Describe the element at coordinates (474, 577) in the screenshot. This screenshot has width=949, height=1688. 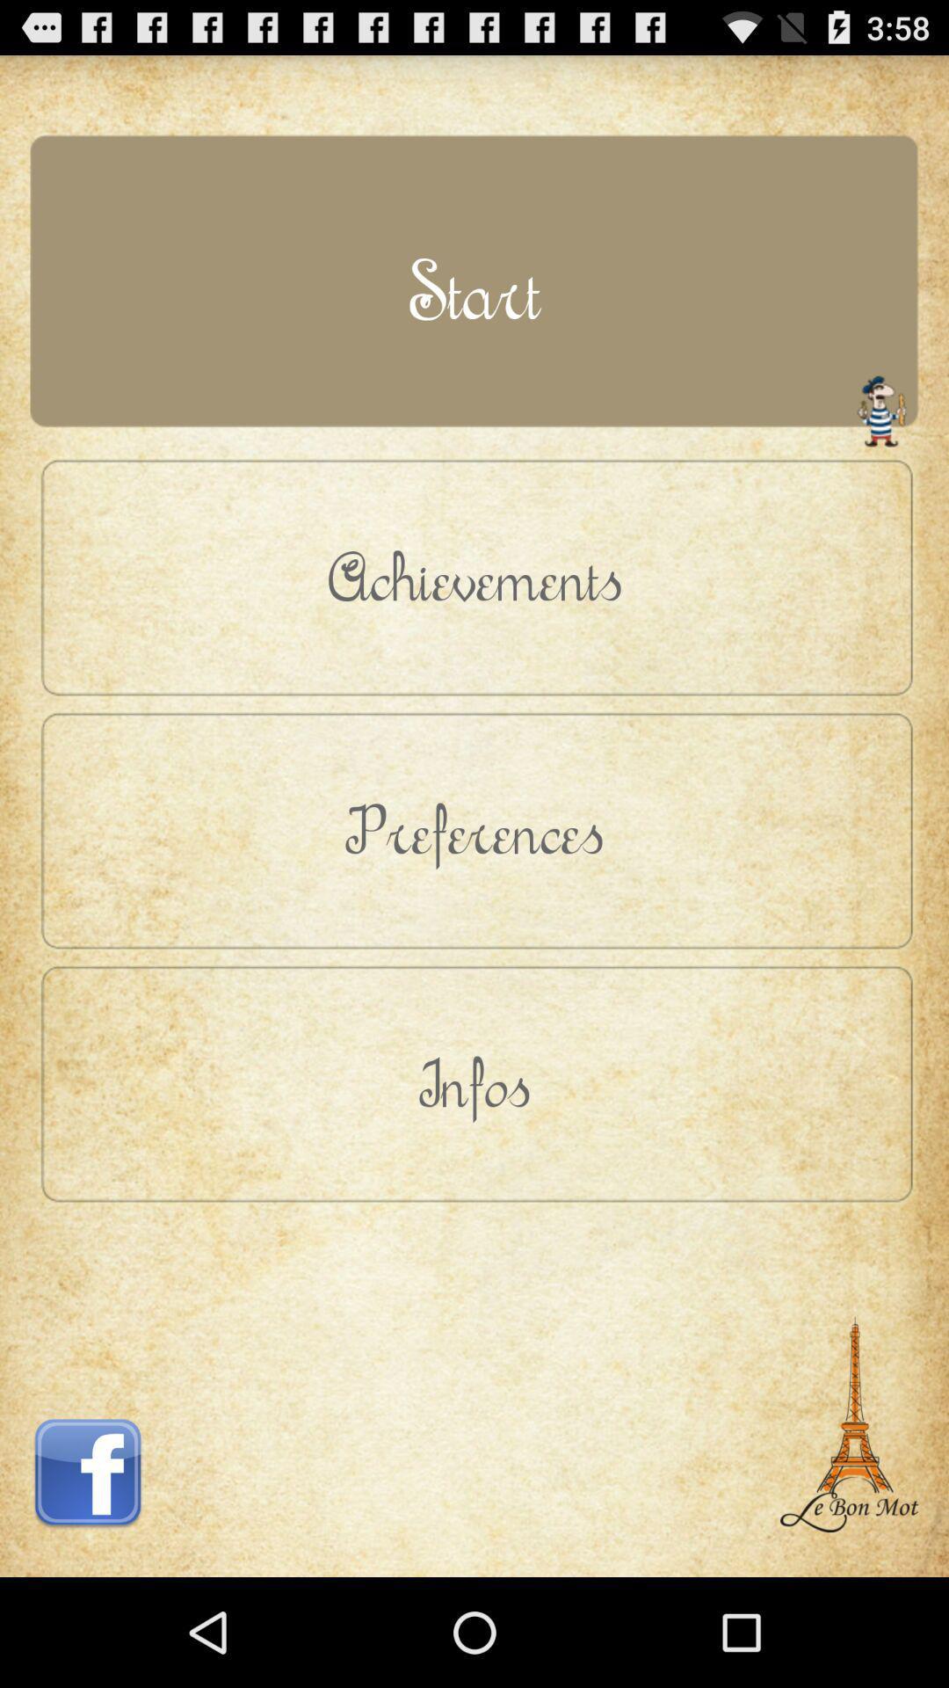
I see `the button below start button` at that location.